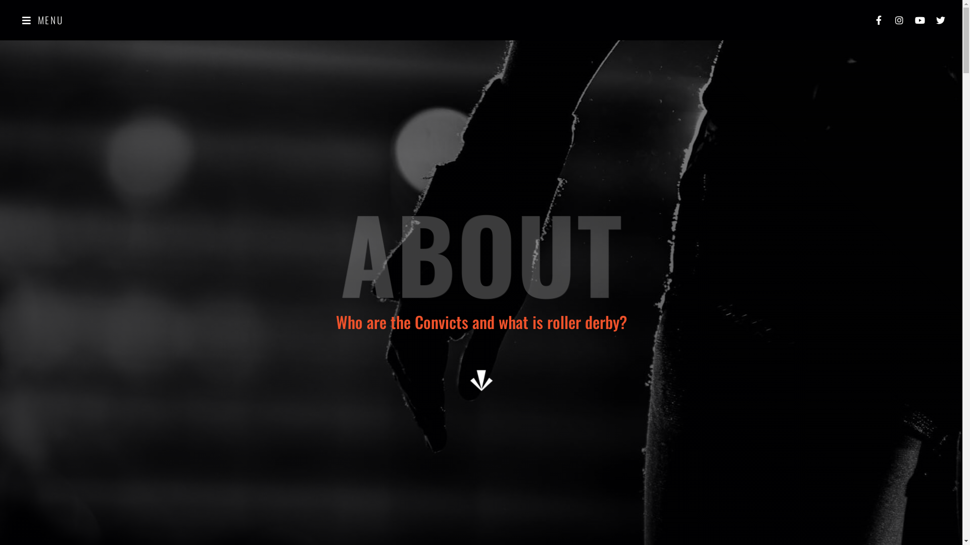 The image size is (970, 545). What do you see at coordinates (878, 20) in the screenshot?
I see `'Facebook'` at bounding box center [878, 20].